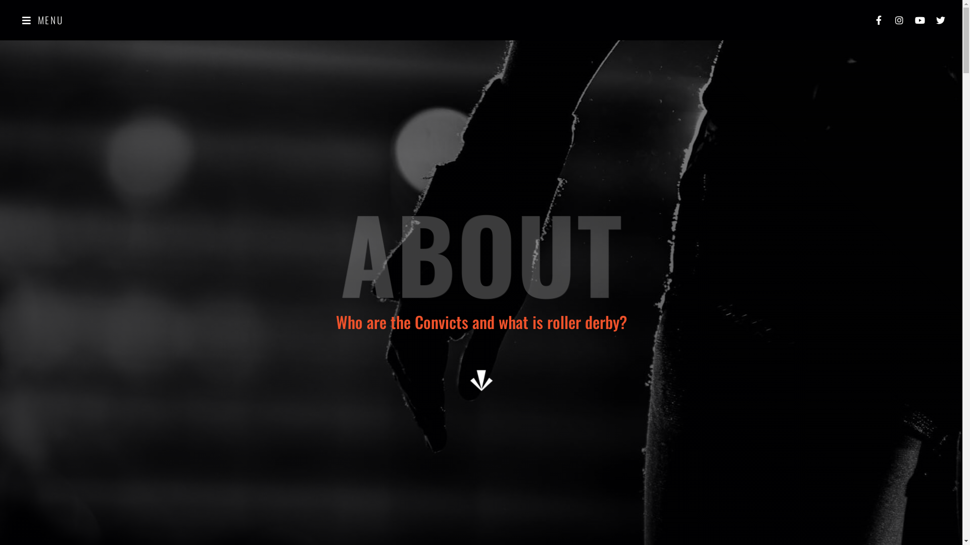 The image size is (970, 545). What do you see at coordinates (878, 20) in the screenshot?
I see `'Facebook'` at bounding box center [878, 20].